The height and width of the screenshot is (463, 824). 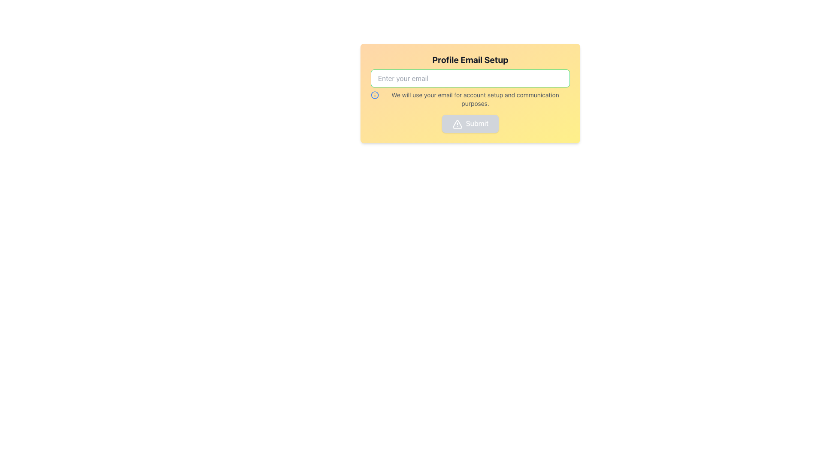 What do you see at coordinates (375, 95) in the screenshot?
I see `the circular icon with a blue border, located to the left of the descriptive text about email usage in the profile setup dialog` at bounding box center [375, 95].